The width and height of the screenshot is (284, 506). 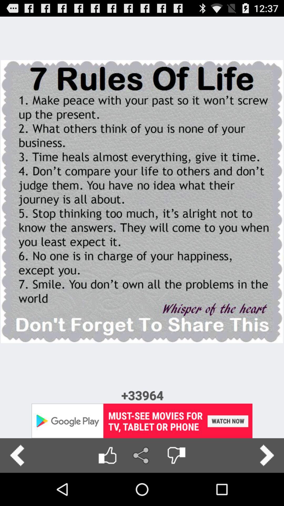 What do you see at coordinates (107, 455) in the screenshot?
I see `put like` at bounding box center [107, 455].